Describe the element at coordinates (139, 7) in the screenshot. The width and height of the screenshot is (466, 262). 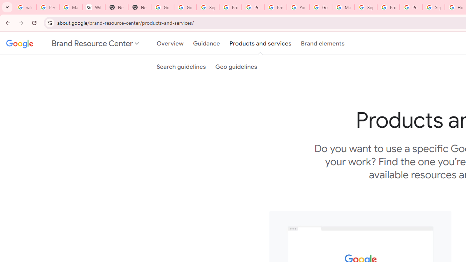
I see `'New Tab'` at that location.